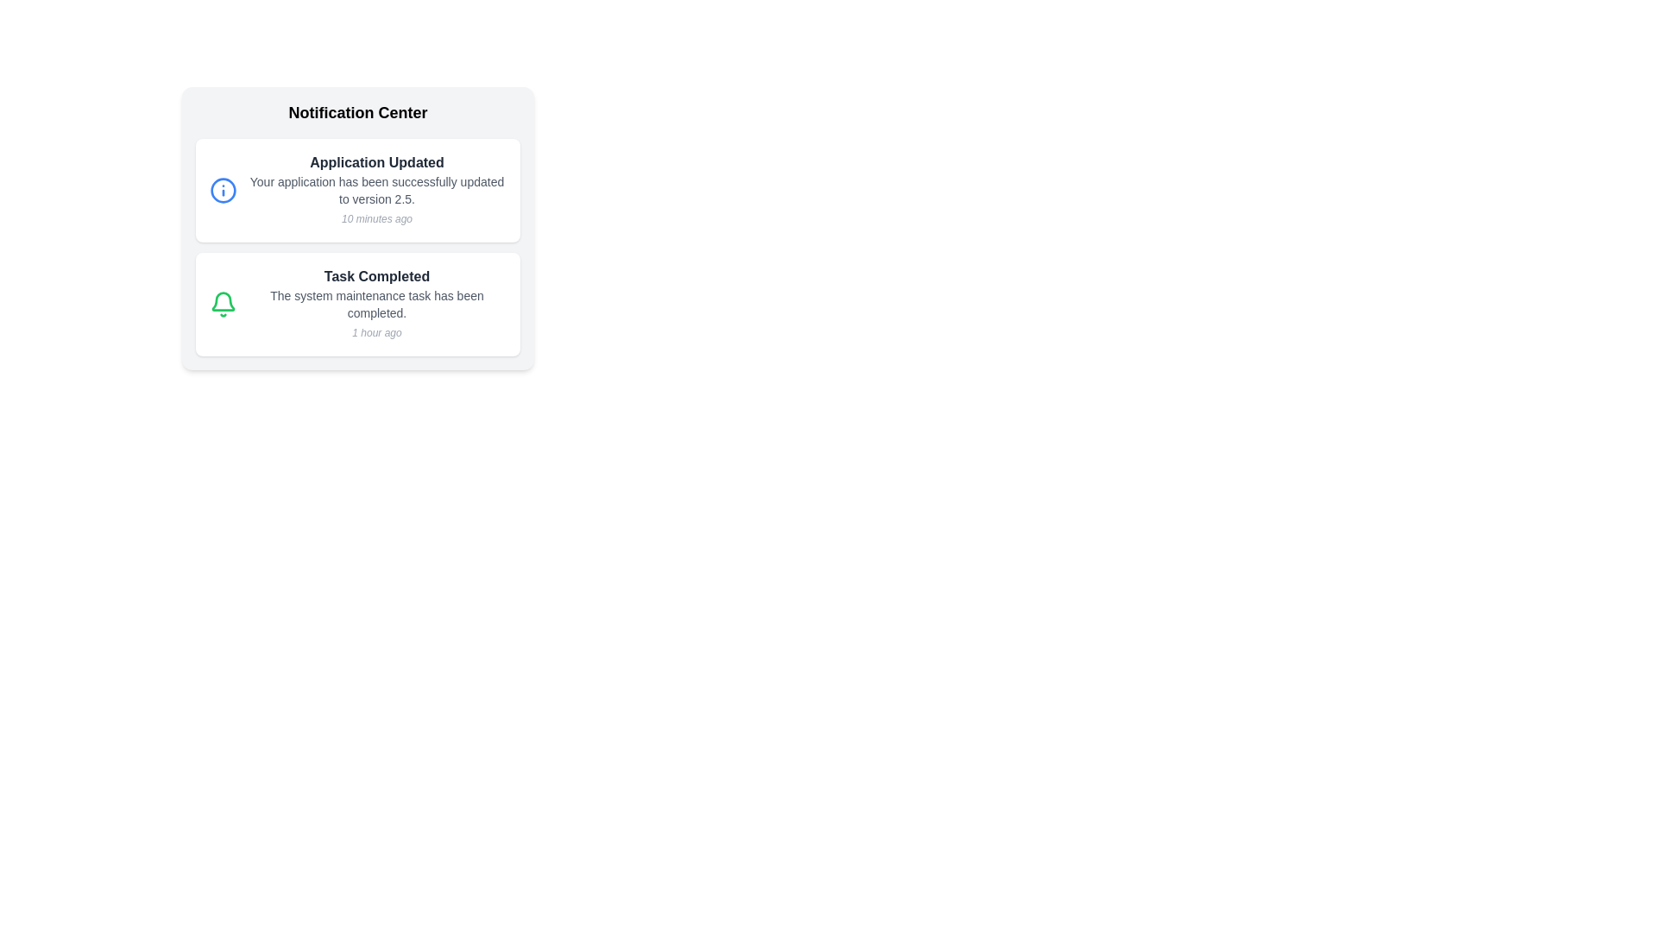 The height and width of the screenshot is (932, 1657). What do you see at coordinates (356, 304) in the screenshot?
I see `information presented in the 'Task Completed' notification section located in the second notification card of the 'Notification Center'` at bounding box center [356, 304].